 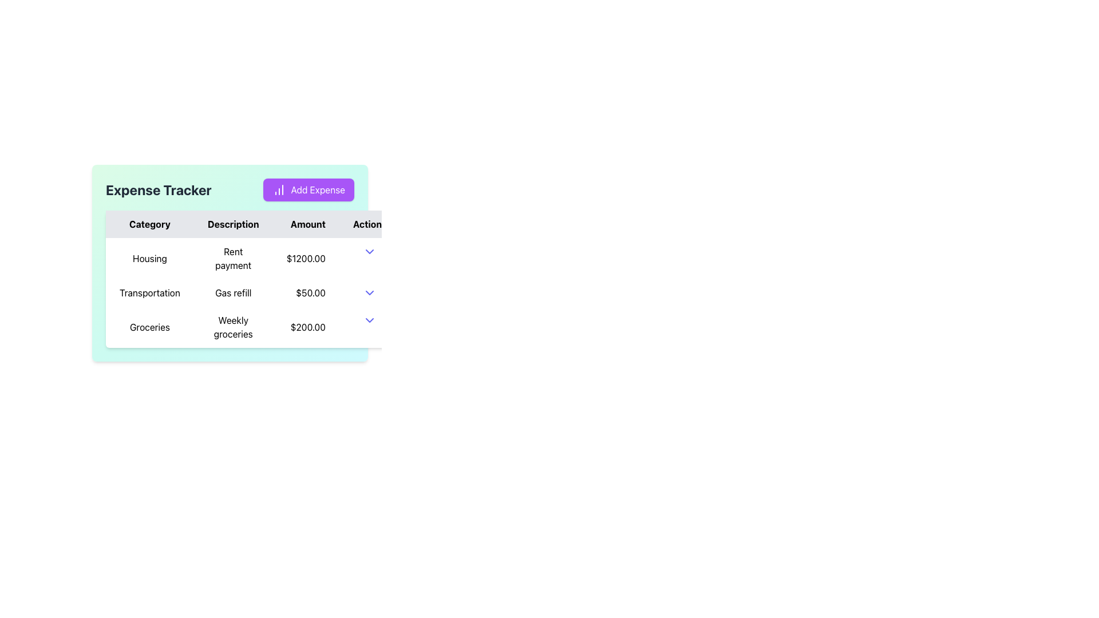 I want to click on the table row displaying 'Gas refill' under the 'Transportation' category with an amount of '$50.00', so click(x=252, y=292).